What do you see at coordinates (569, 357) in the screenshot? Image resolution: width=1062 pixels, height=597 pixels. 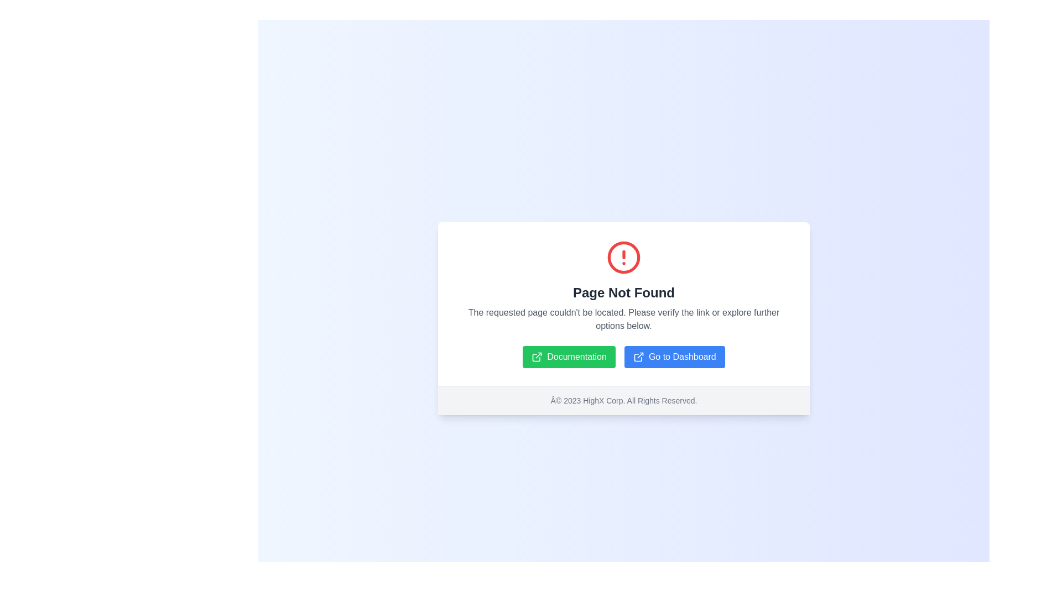 I see `the green button labeled 'Documentation' with an icon to change its background color` at bounding box center [569, 357].